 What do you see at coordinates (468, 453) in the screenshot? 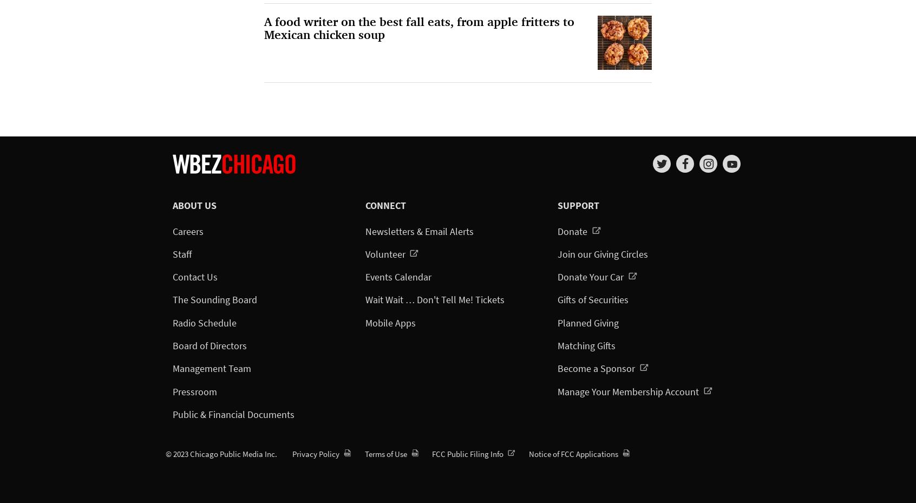
I see `'FCC Public Filing Info'` at bounding box center [468, 453].